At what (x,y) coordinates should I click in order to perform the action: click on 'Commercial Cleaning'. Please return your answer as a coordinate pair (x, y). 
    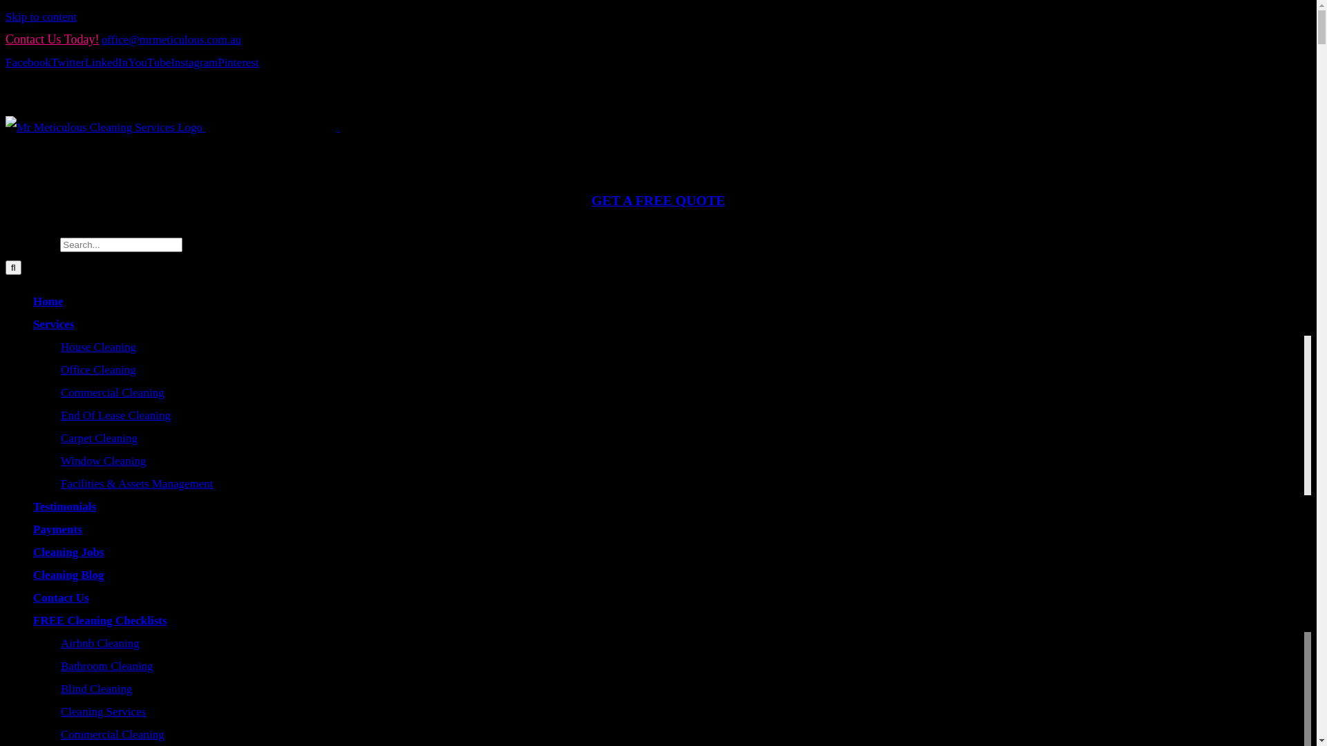
    Looking at the image, I should click on (113, 734).